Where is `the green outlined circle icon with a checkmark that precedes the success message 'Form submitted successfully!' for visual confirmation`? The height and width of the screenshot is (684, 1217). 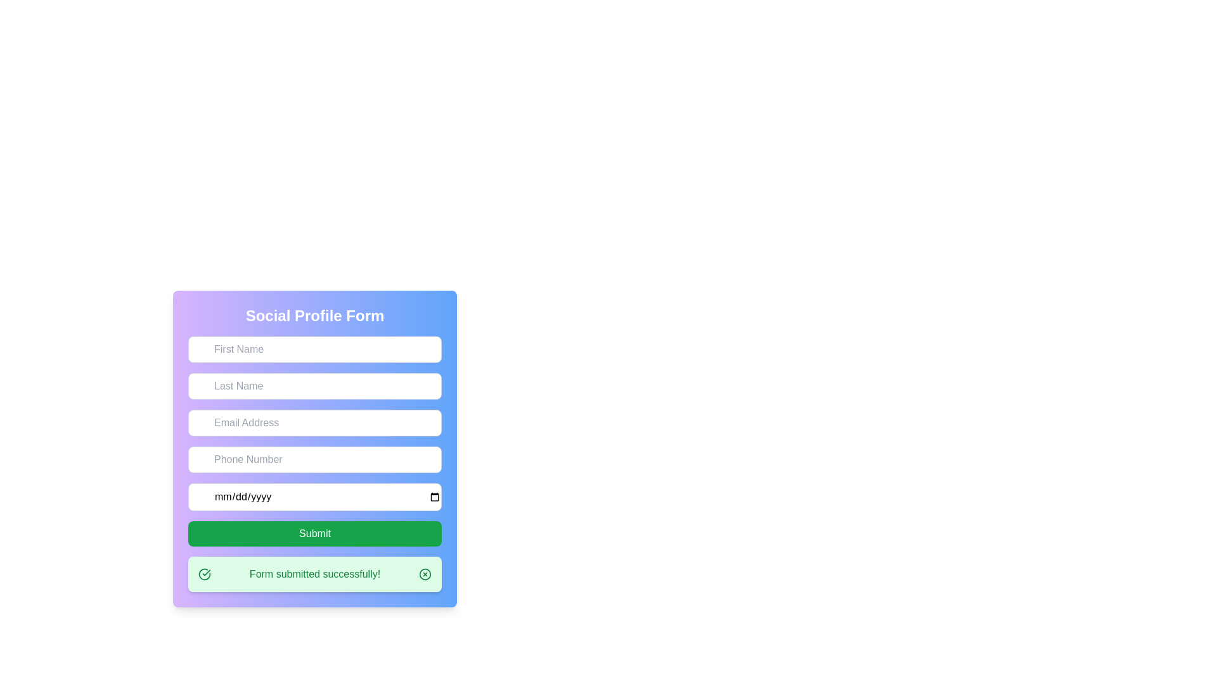
the green outlined circle icon with a checkmark that precedes the success message 'Form submitted successfully!' for visual confirmation is located at coordinates (204, 574).